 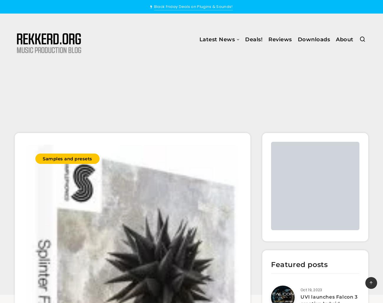 I want to click on 'Downloads', so click(x=313, y=39).